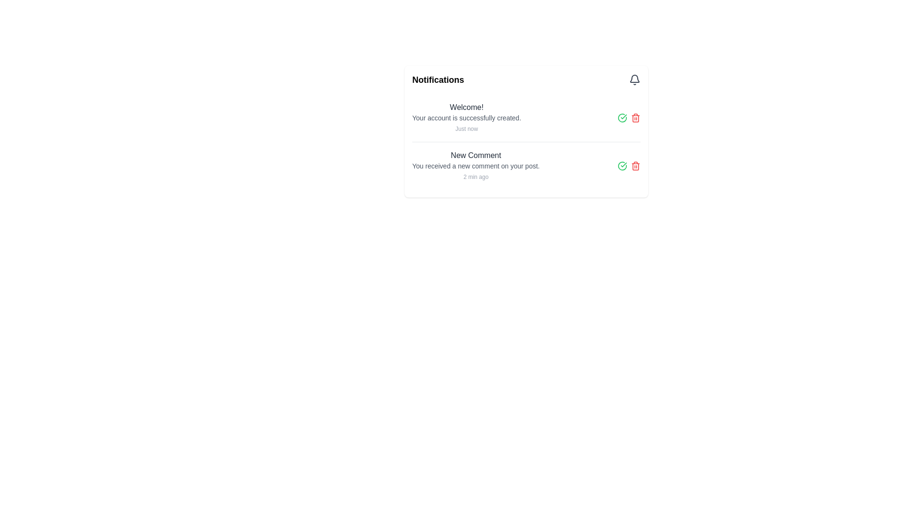  Describe the element at coordinates (466, 117) in the screenshot. I see `informational message text indicating the successful account creation, which is positioned below the 'Welcome!' heading and above the 'Just now' timestamp` at that location.